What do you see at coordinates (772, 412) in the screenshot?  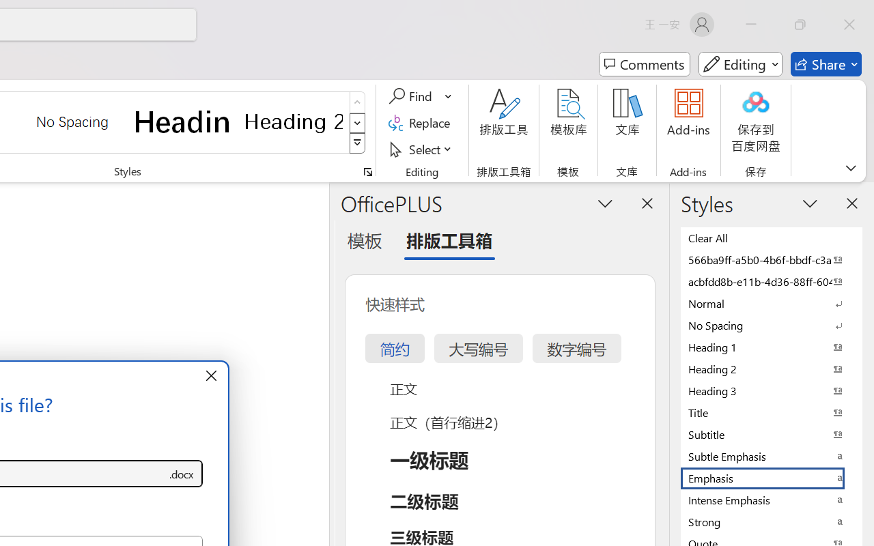 I see `'Title'` at bounding box center [772, 412].